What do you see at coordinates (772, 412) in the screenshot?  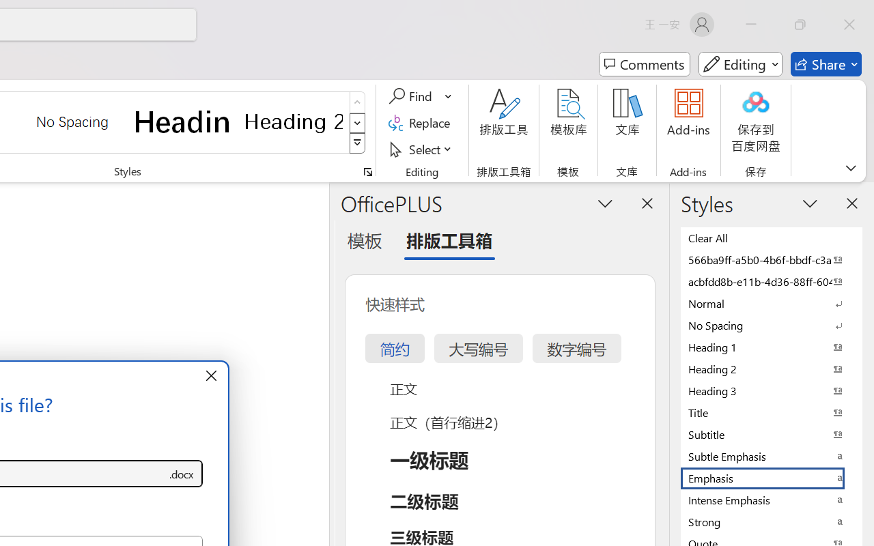 I see `'Title'` at bounding box center [772, 412].